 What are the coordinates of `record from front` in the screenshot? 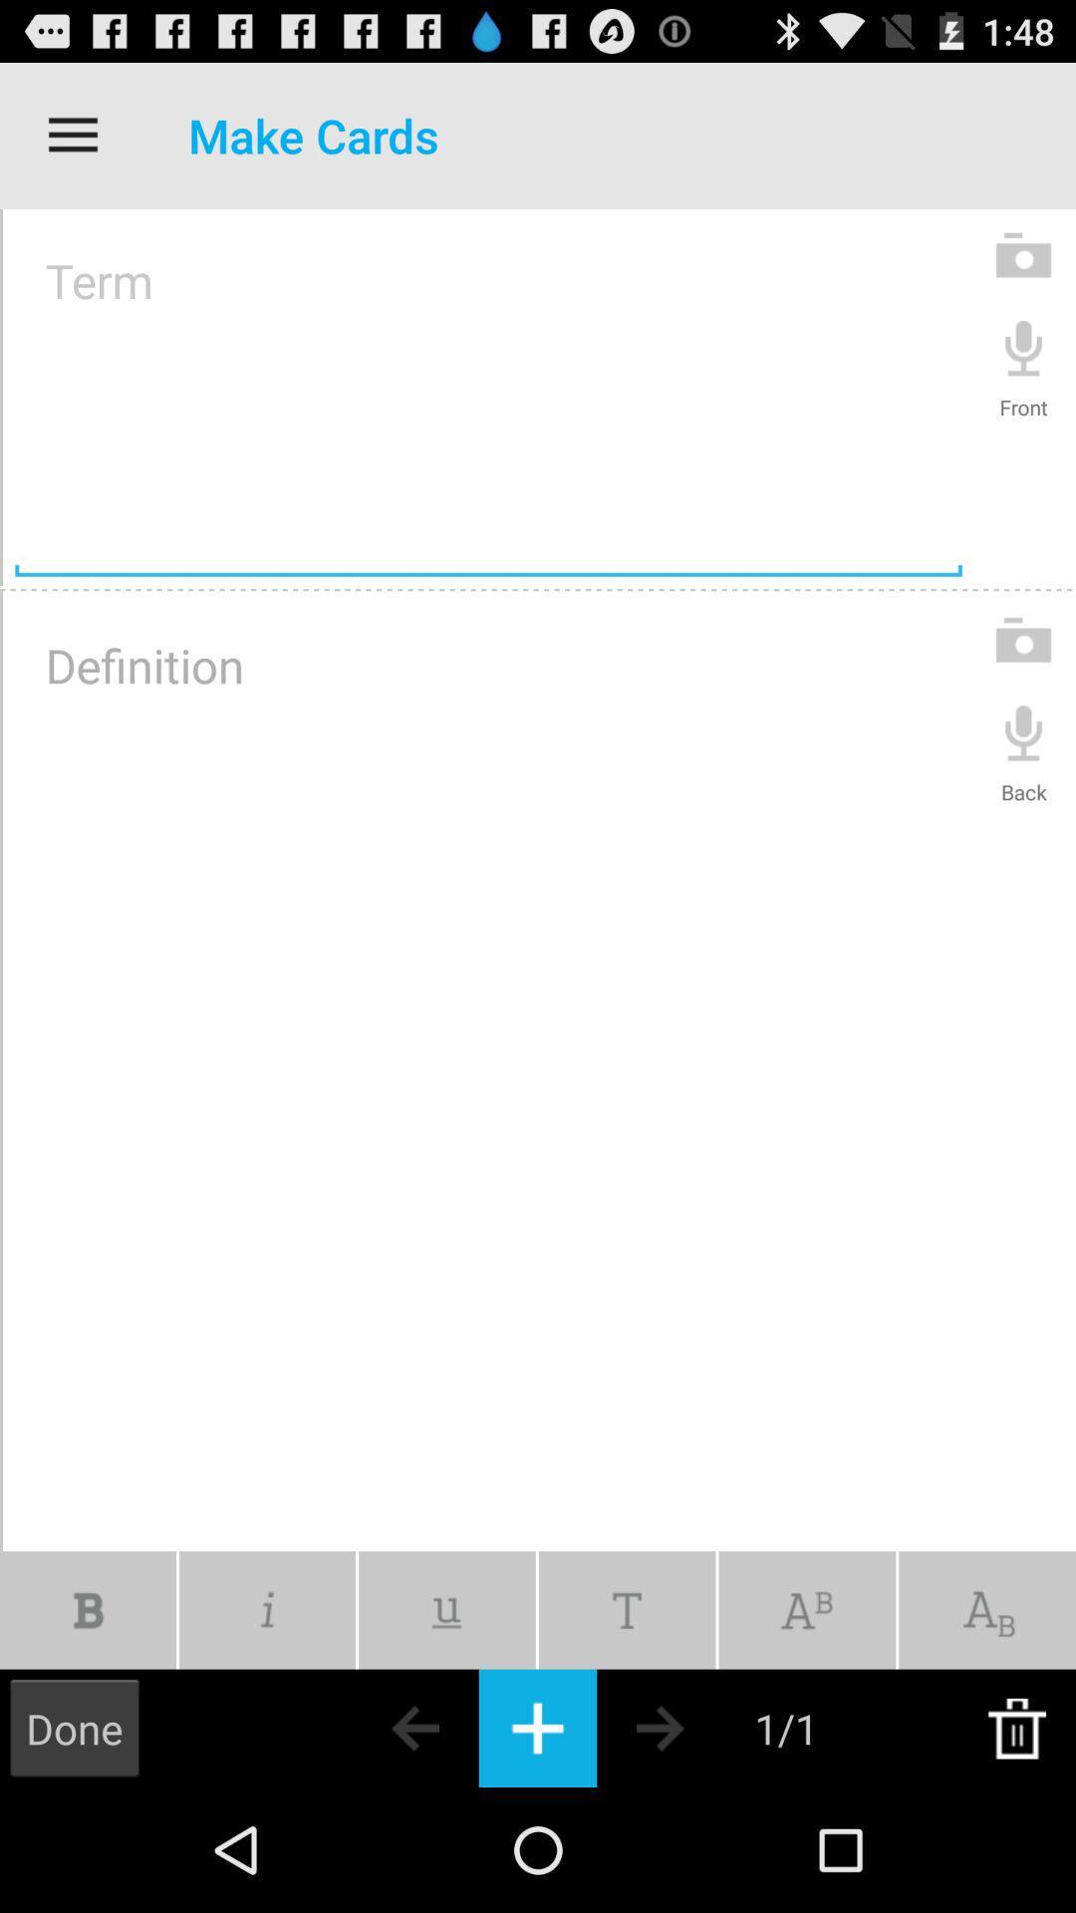 It's located at (1023, 347).